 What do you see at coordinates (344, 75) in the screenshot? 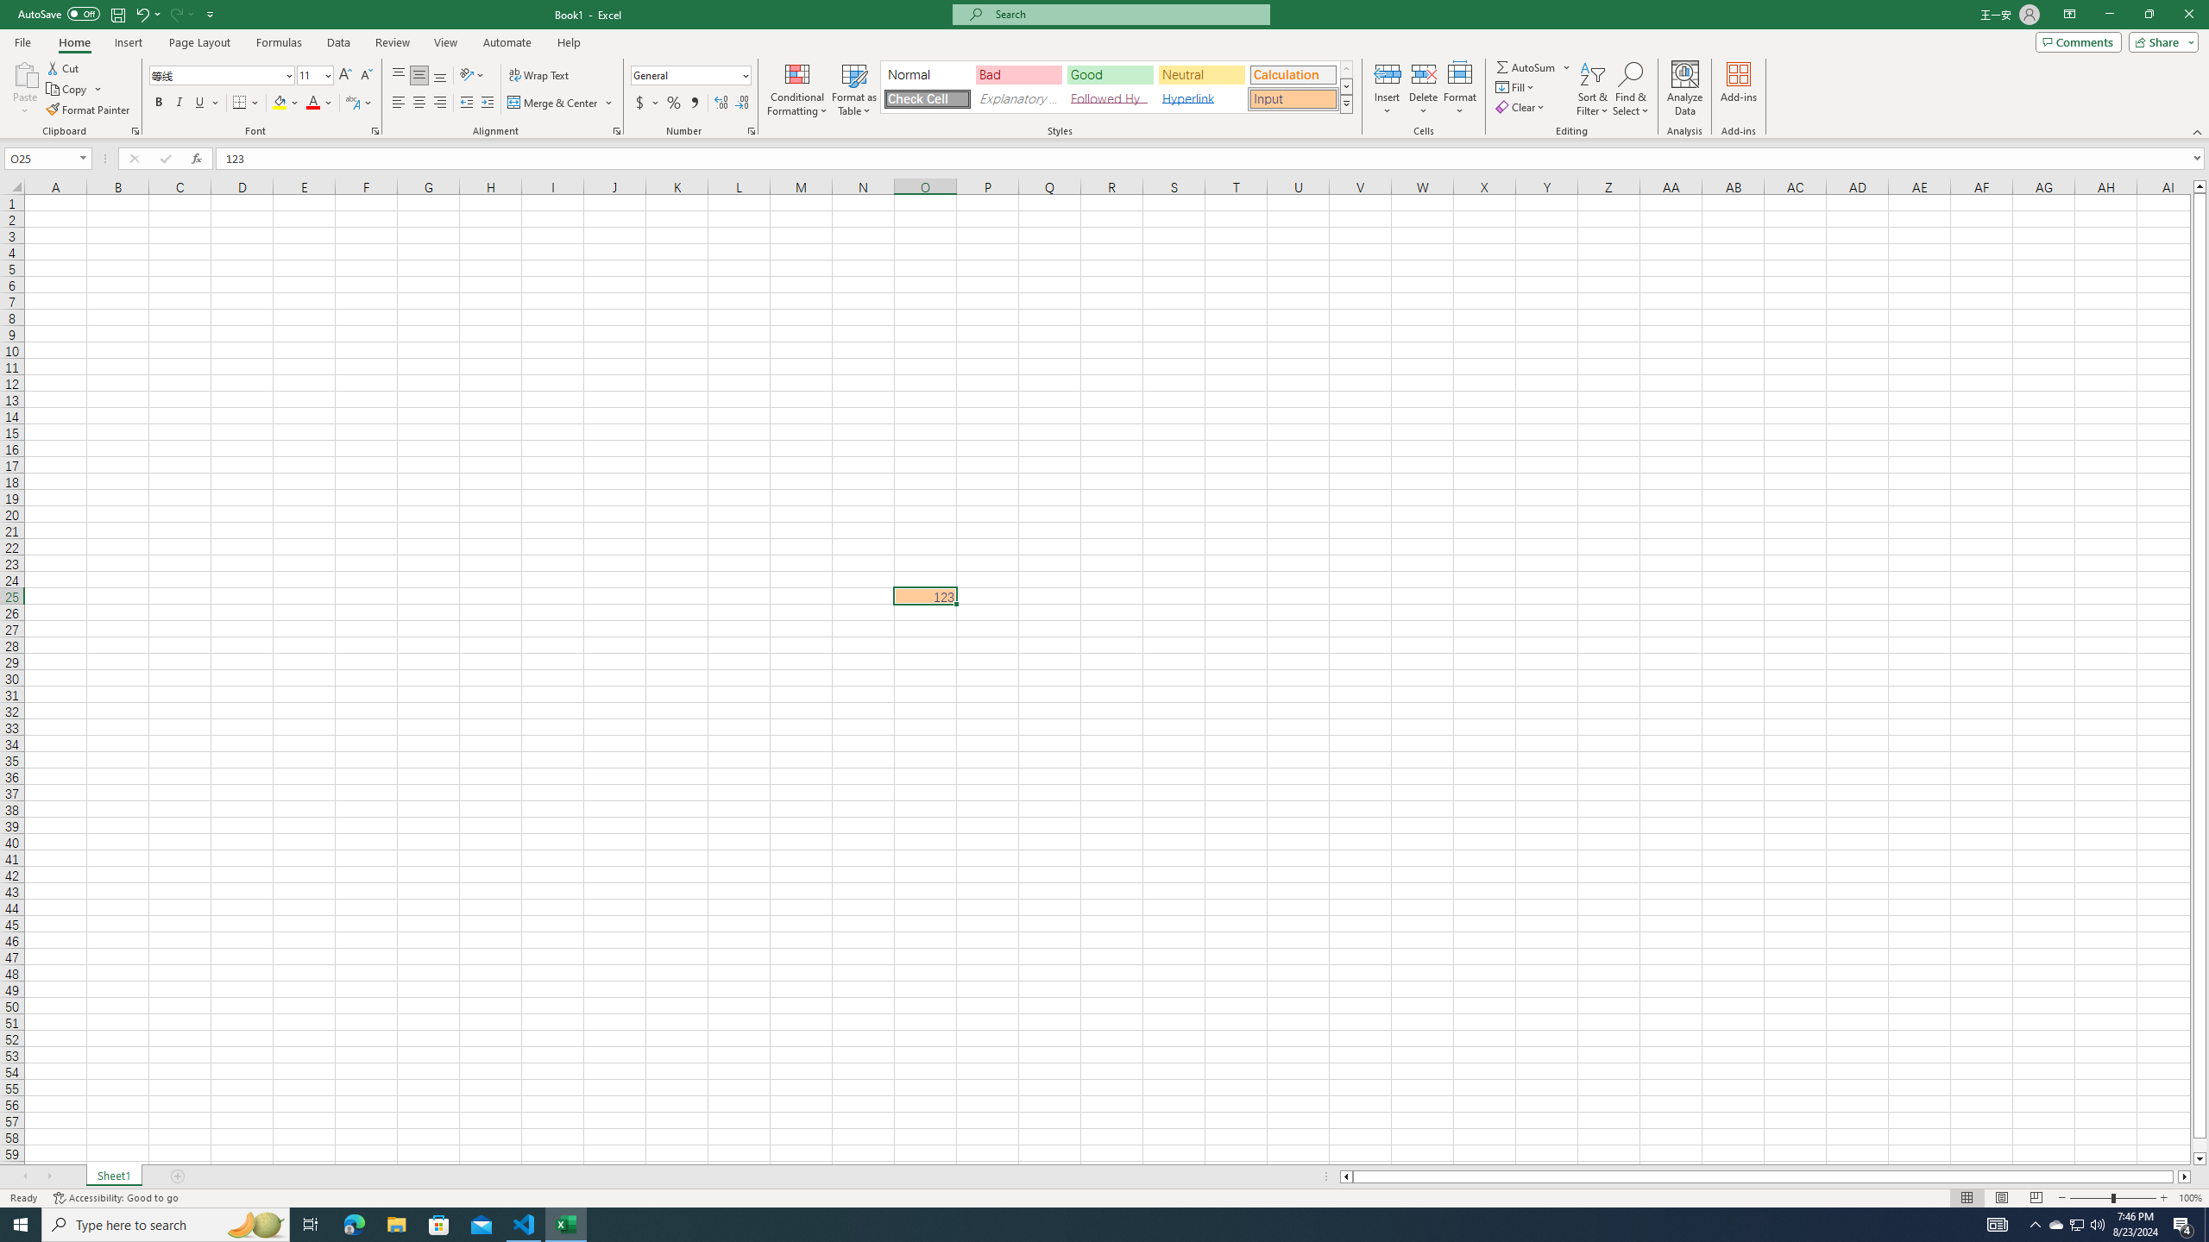
I see `'Increase Font Size'` at bounding box center [344, 75].